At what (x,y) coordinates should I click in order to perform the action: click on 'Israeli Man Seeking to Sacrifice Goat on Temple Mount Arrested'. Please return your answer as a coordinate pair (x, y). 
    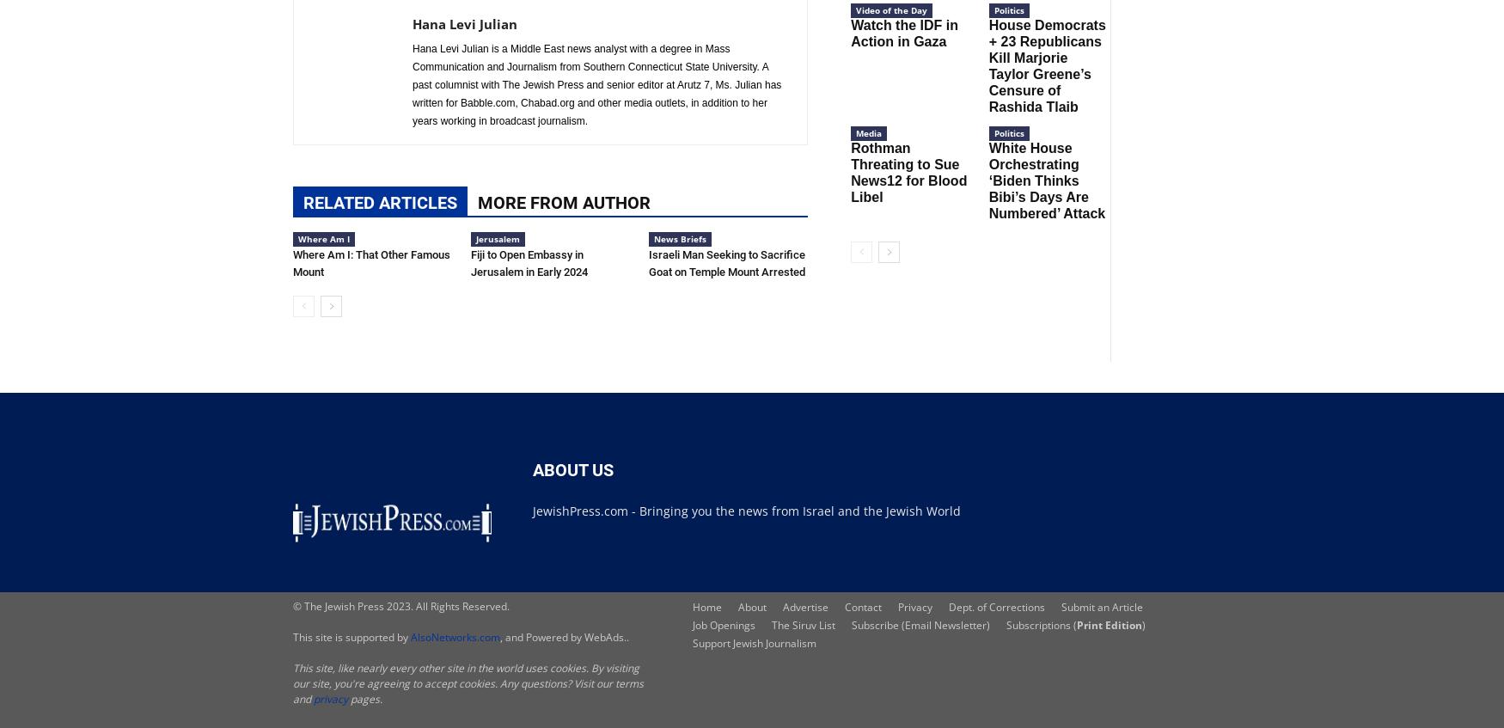
    Looking at the image, I should click on (726, 262).